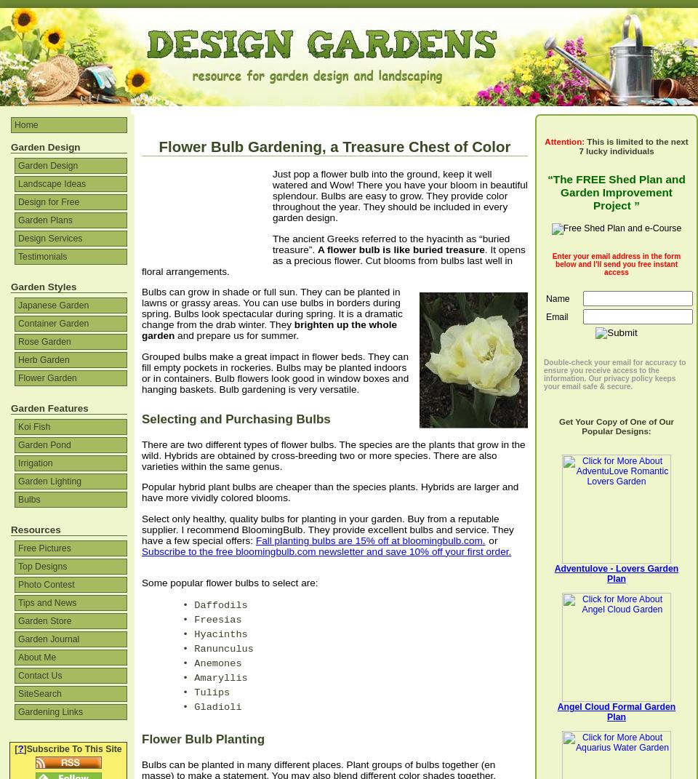 The height and width of the screenshot is (779, 698). I want to click on 'A flower bulb is like buried treasure', so click(401, 248).